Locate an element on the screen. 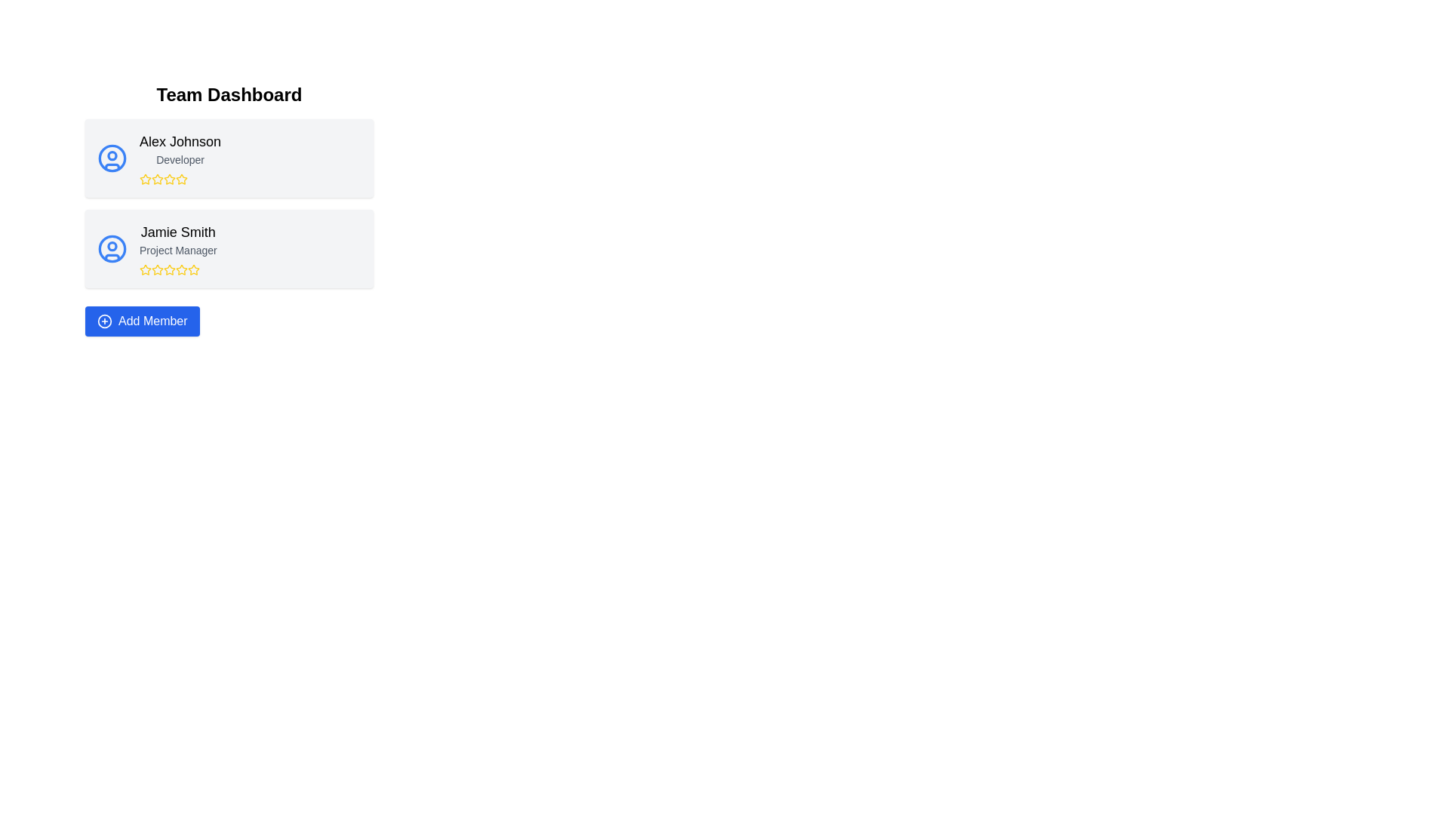 The image size is (1449, 815). the large, bold text displaying 'Team Dashboard' prominently at the top of the interface is located at coordinates (228, 95).